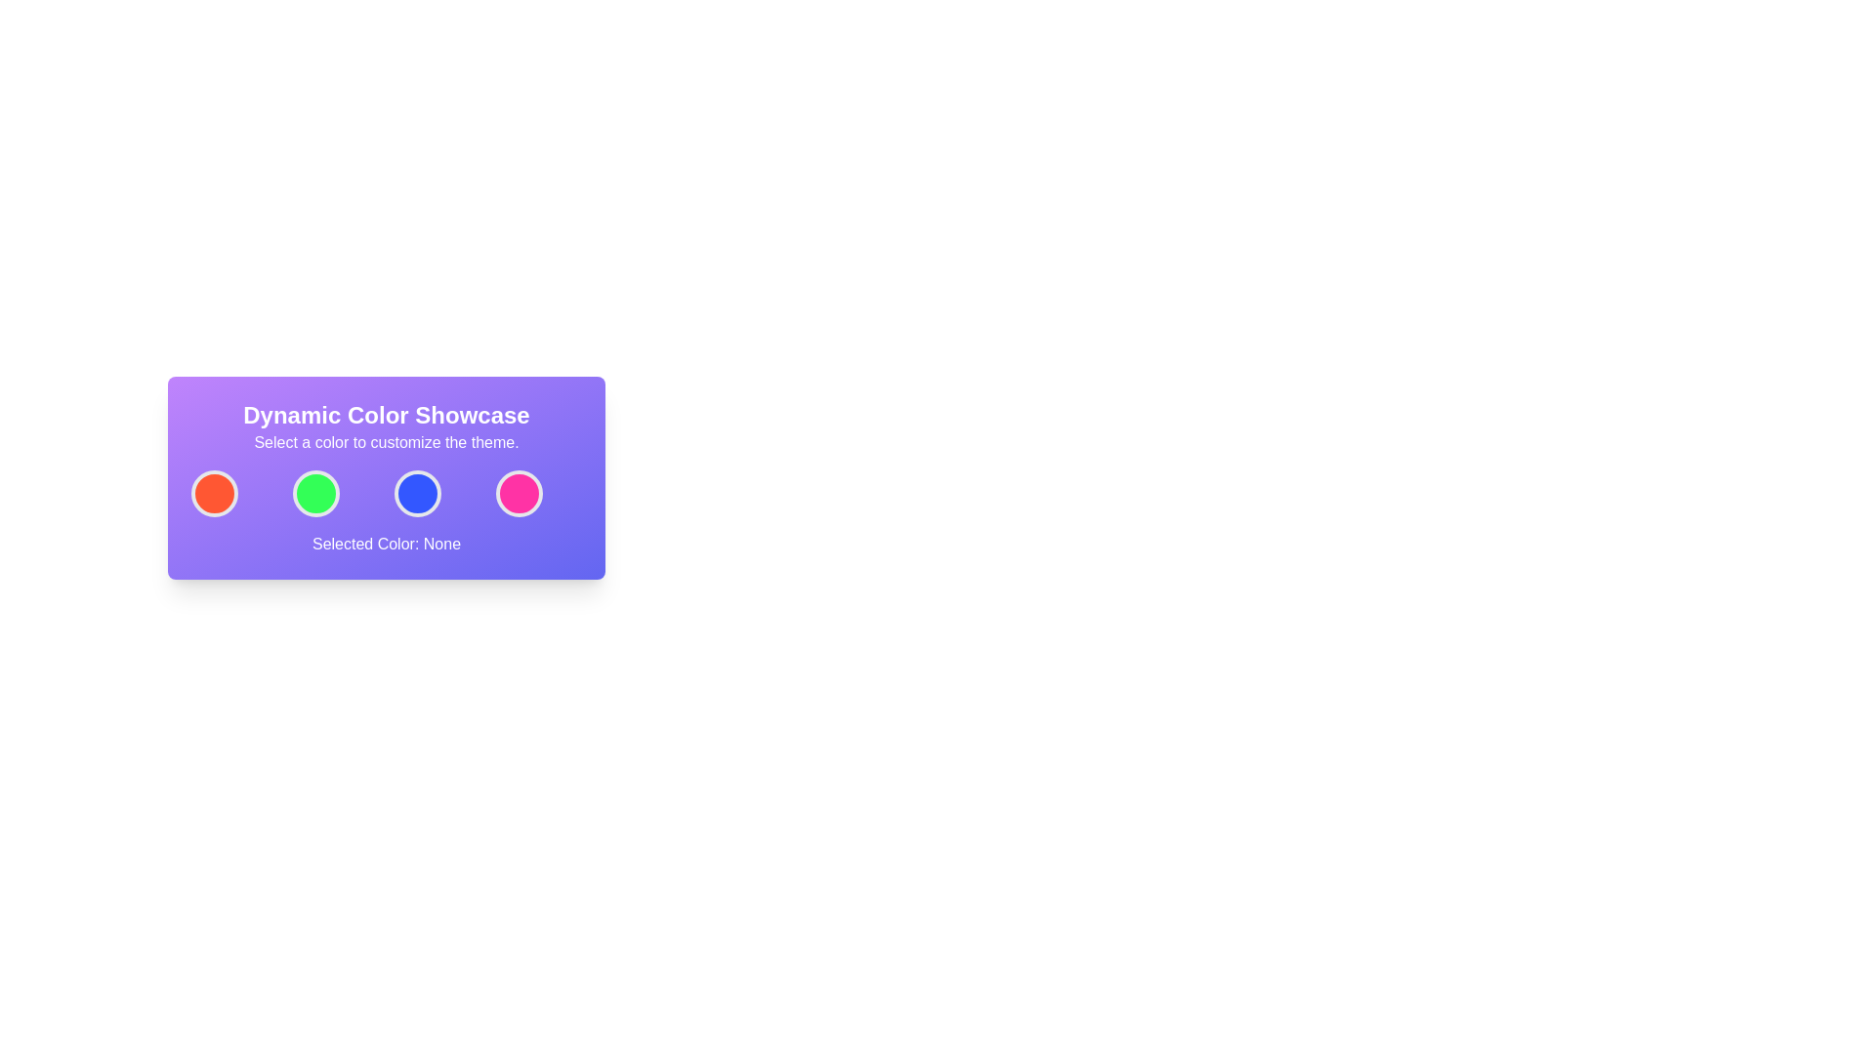 This screenshot has height=1054, width=1875. What do you see at coordinates (416, 492) in the screenshot?
I see `the circular blue button with a white outline, which is the third button from the left in a row of four buttons on a purple background card labeled 'Dynamic Color Showcase'` at bounding box center [416, 492].